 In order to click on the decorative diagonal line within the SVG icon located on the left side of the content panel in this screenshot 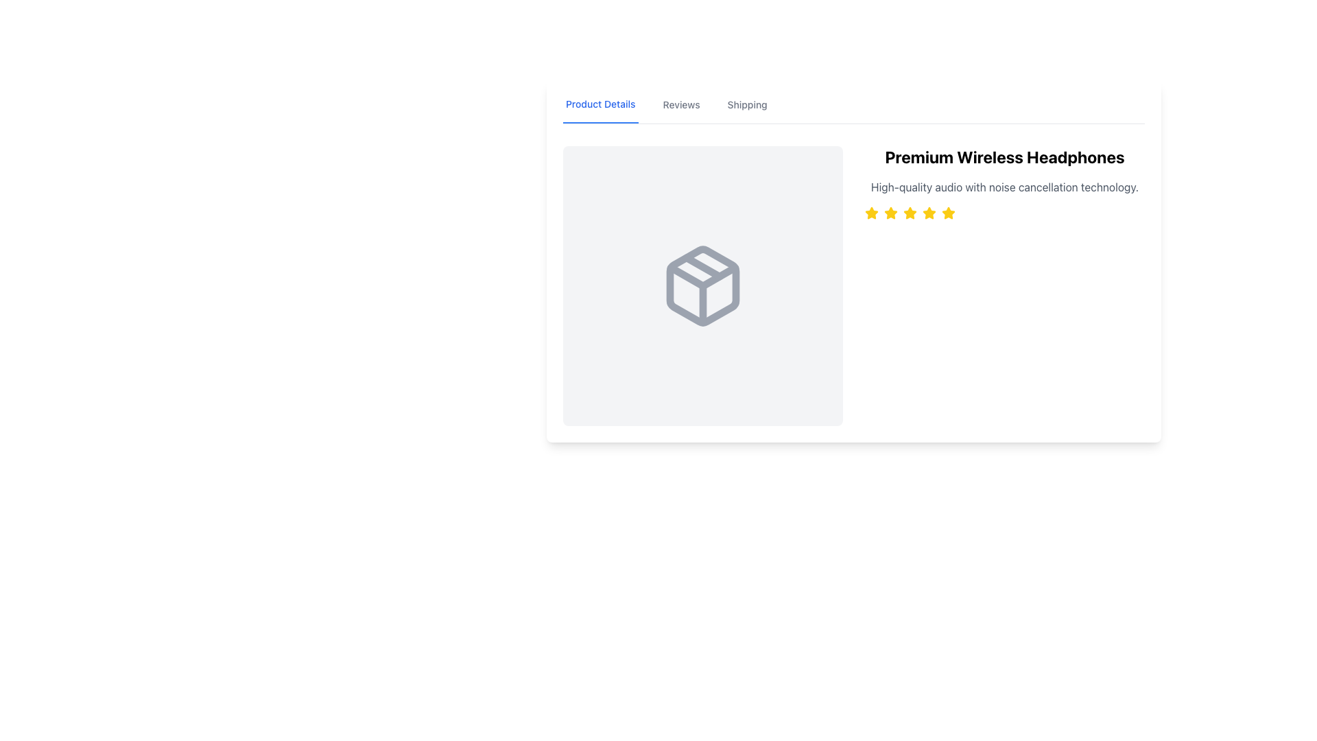, I will do `click(703, 267)`.